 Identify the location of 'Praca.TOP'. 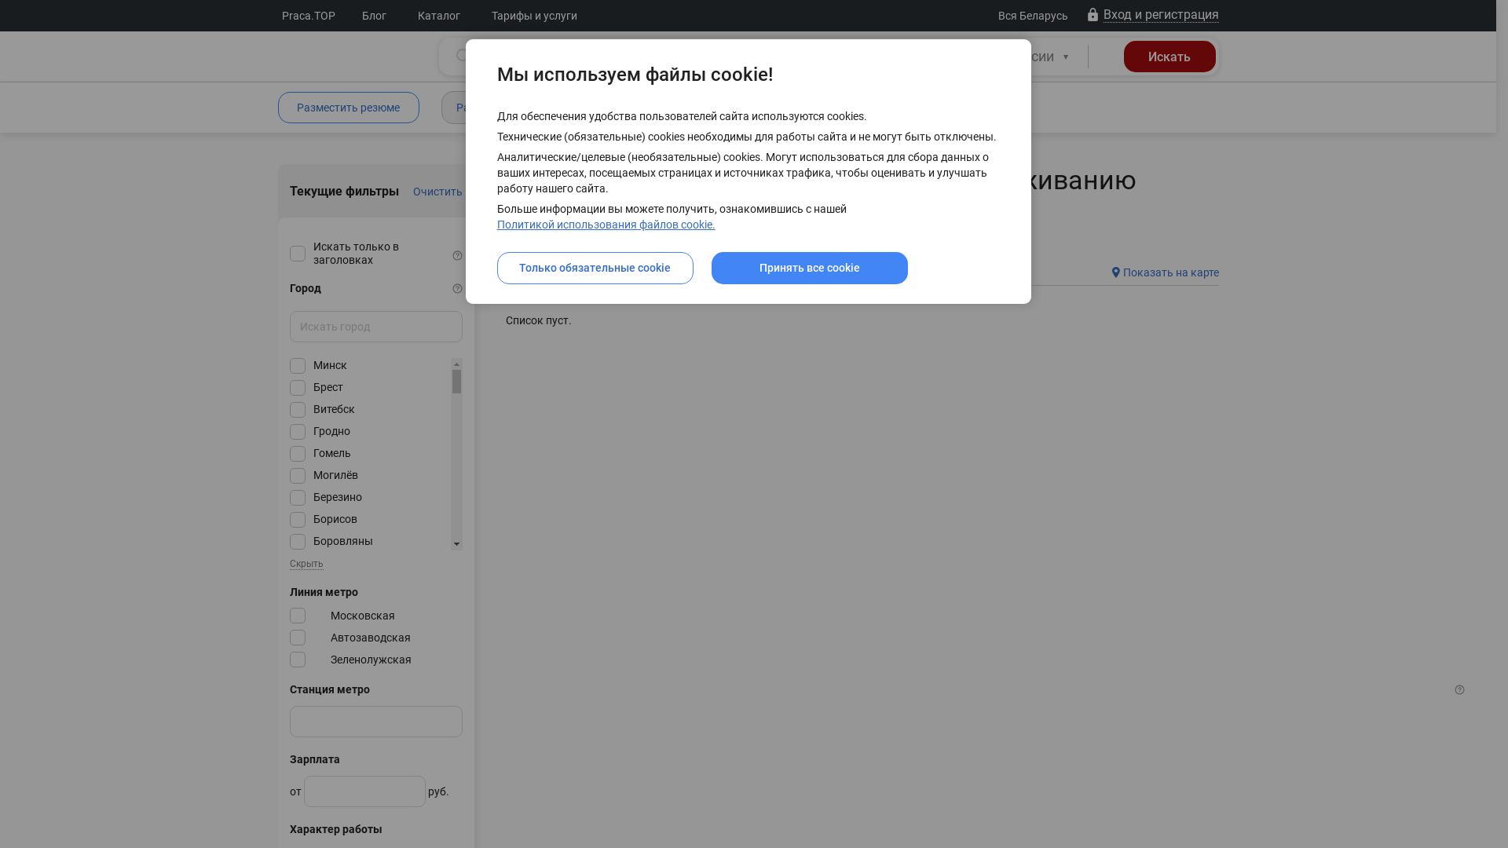
(309, 15).